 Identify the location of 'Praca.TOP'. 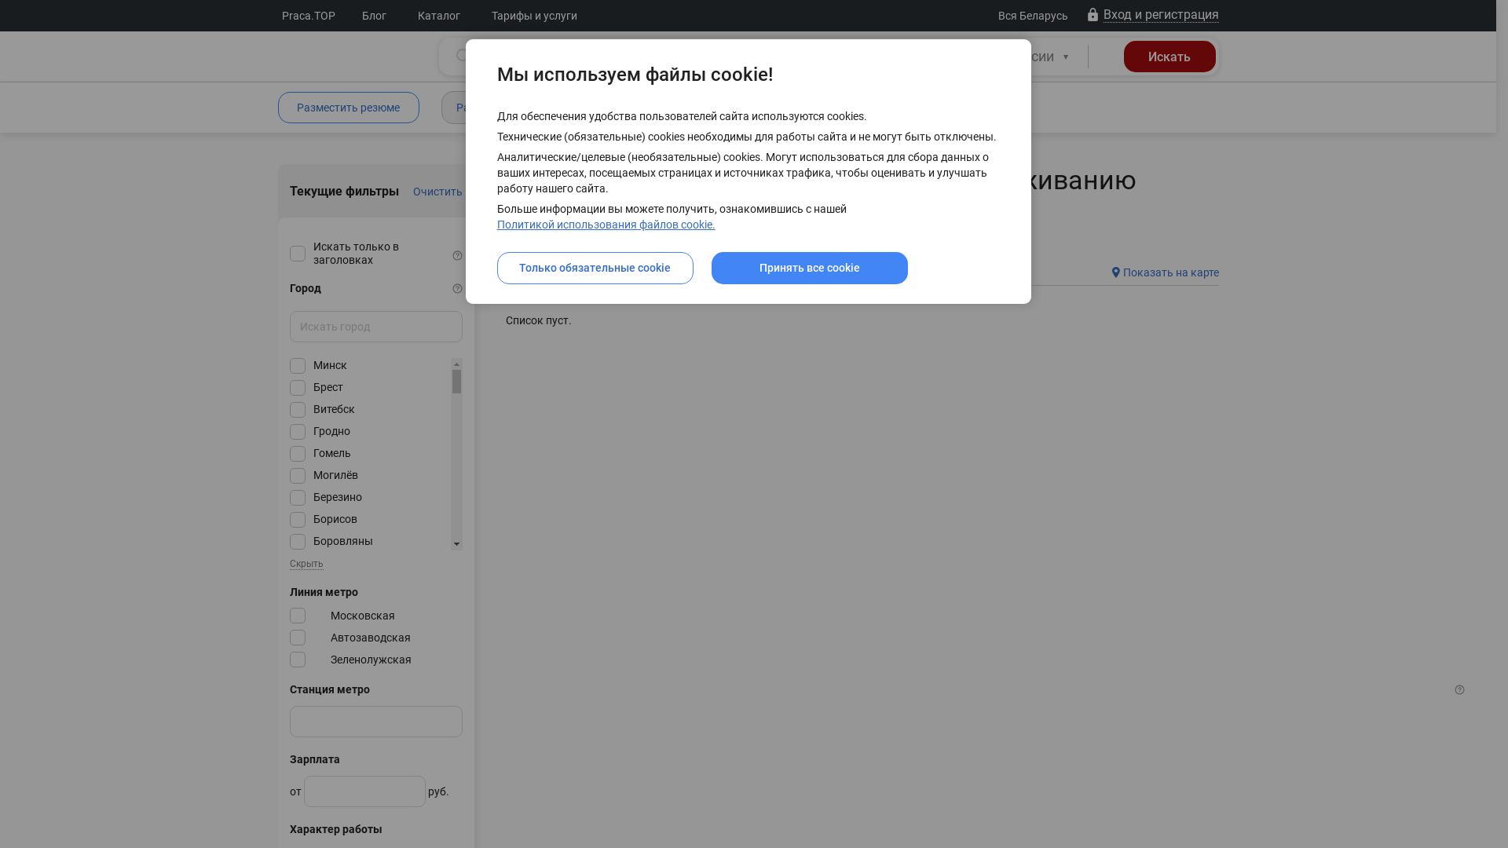
(309, 15).